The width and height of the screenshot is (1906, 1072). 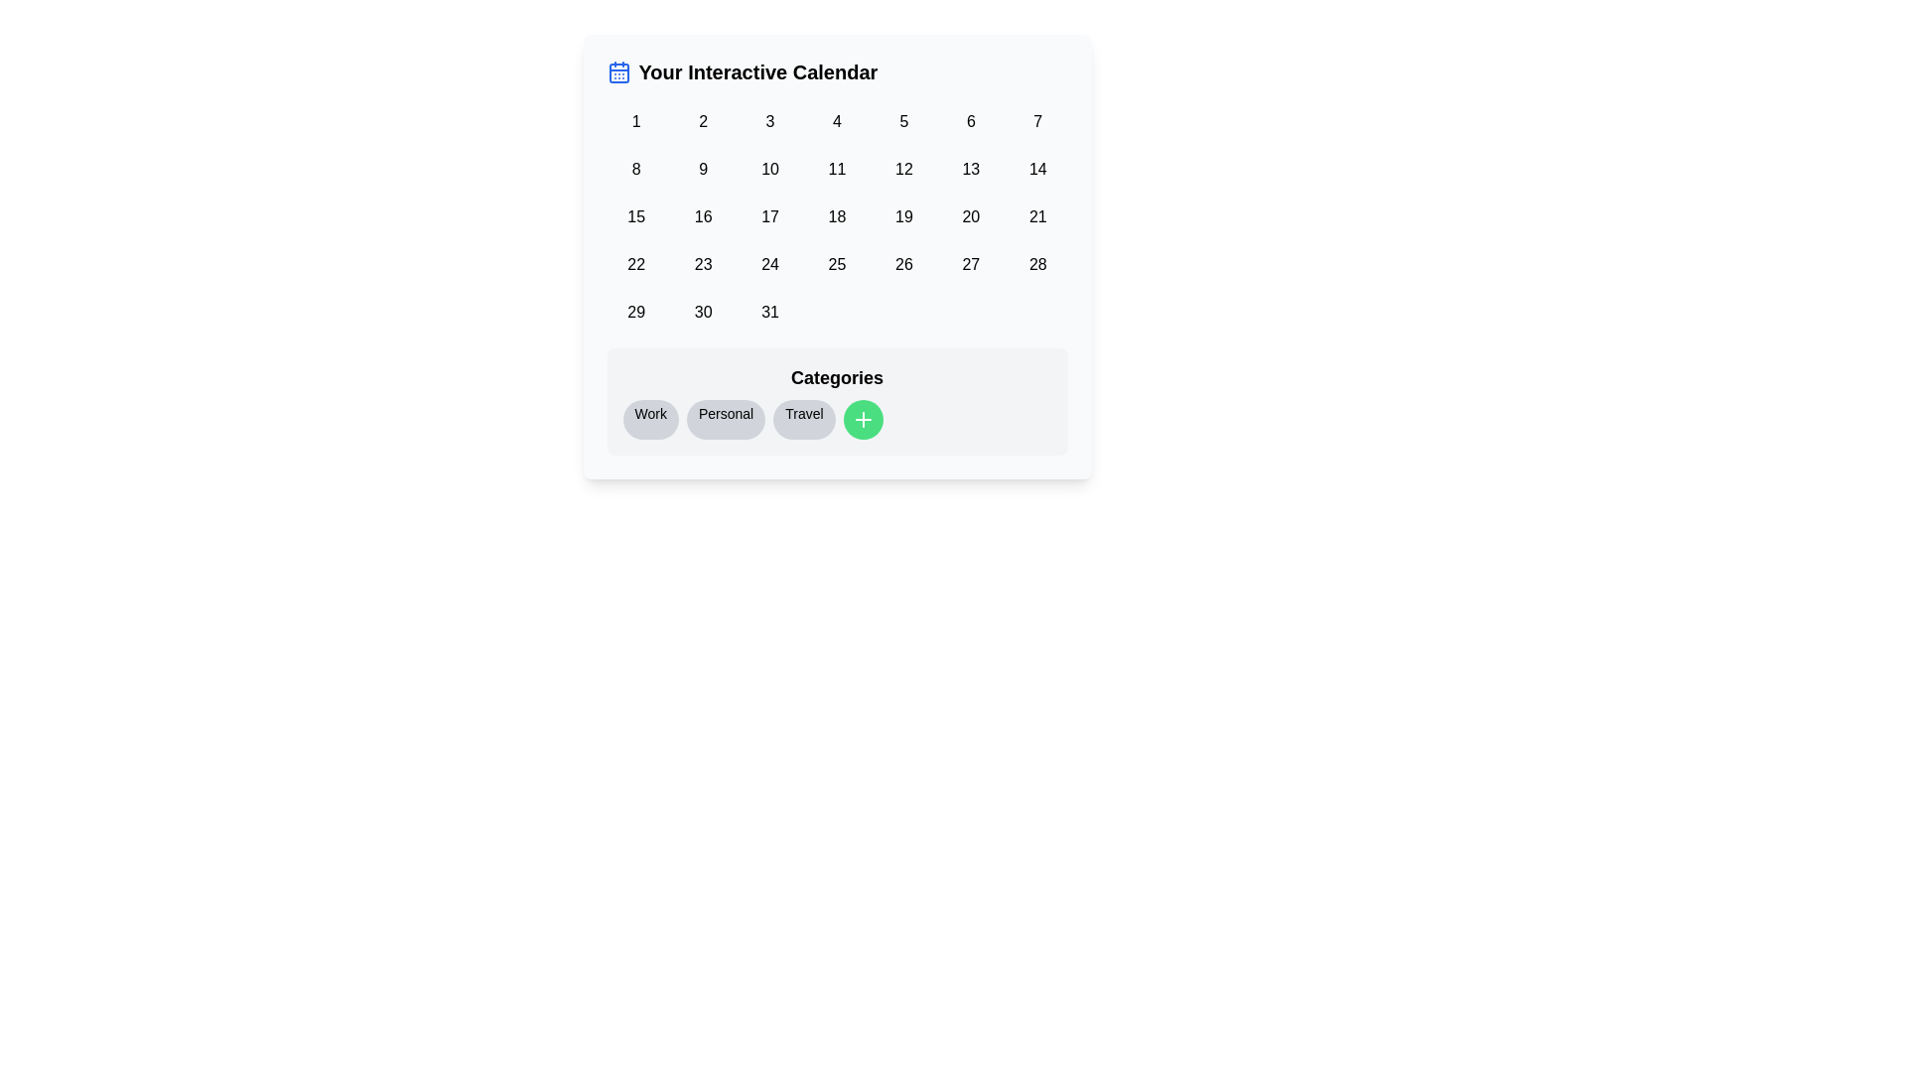 I want to click on the square-shaped button with rounded corners displaying the number '23' in black text, located in the fifth column of the fourth row of the calendar grid, so click(x=703, y=263).